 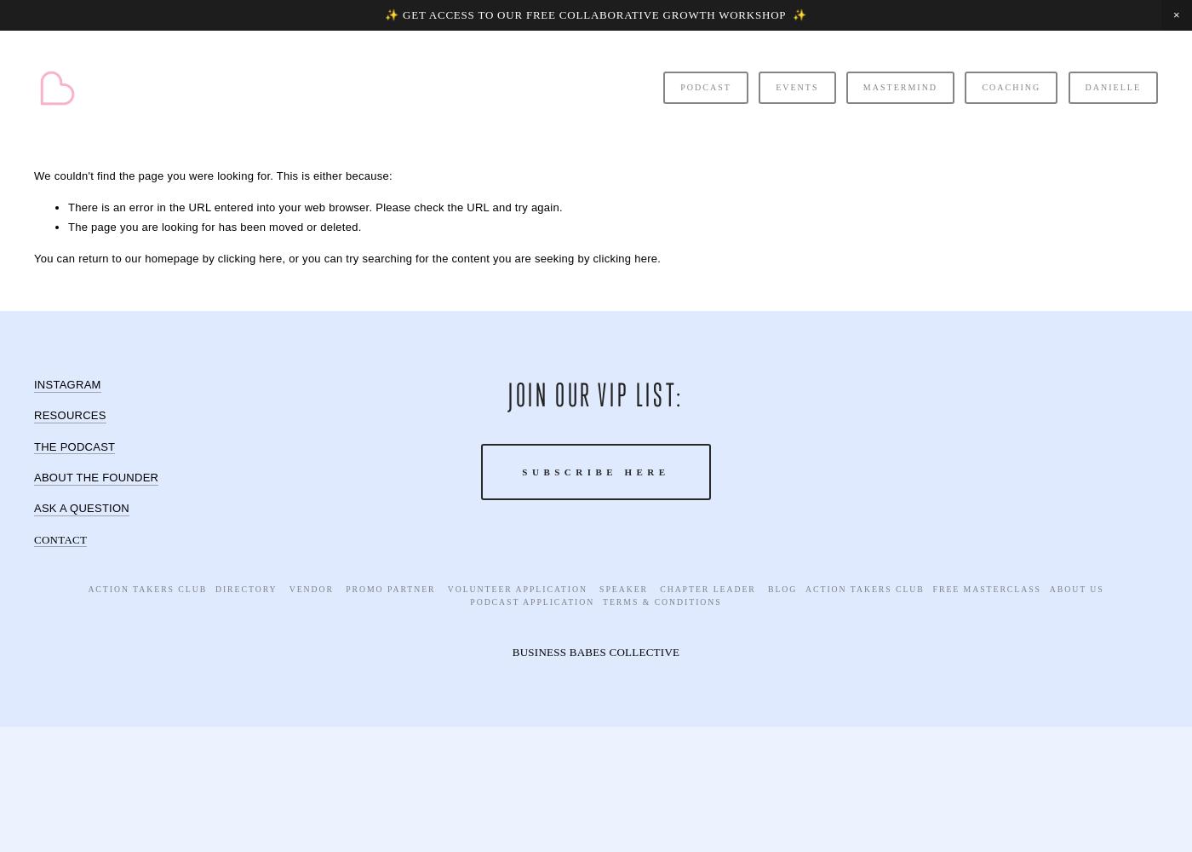 I want to click on 'Blog', so click(x=782, y=588).